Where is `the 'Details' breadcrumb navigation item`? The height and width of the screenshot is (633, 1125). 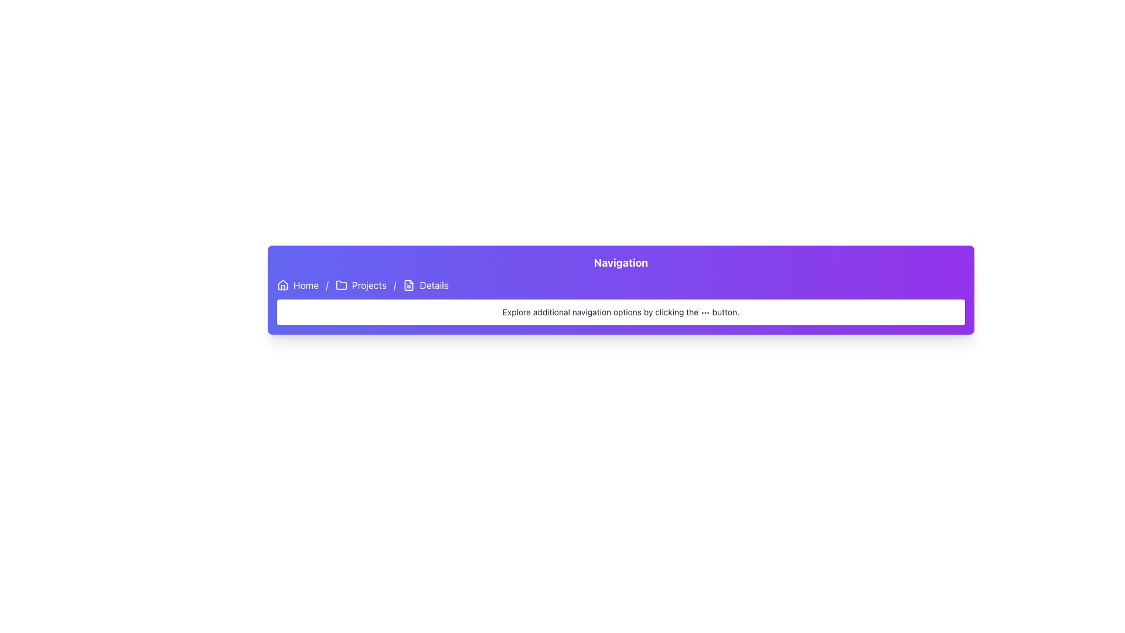
the 'Details' breadcrumb navigation item is located at coordinates (434, 285).